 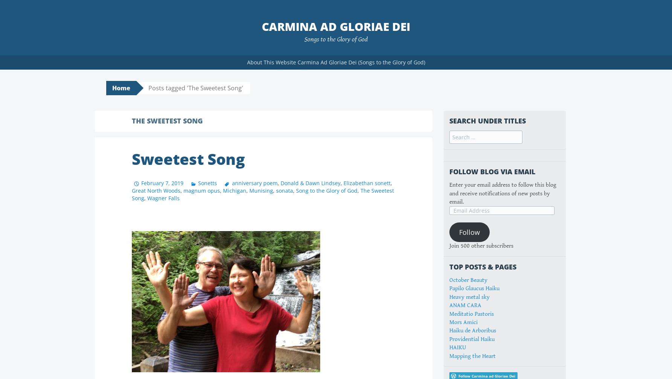 What do you see at coordinates (465, 305) in the screenshot?
I see `'ANAM CARA'` at bounding box center [465, 305].